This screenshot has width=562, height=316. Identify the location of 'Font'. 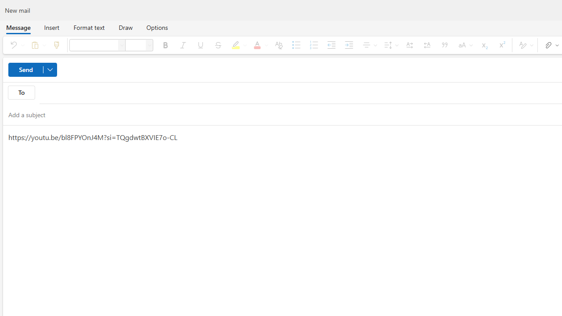
(94, 45).